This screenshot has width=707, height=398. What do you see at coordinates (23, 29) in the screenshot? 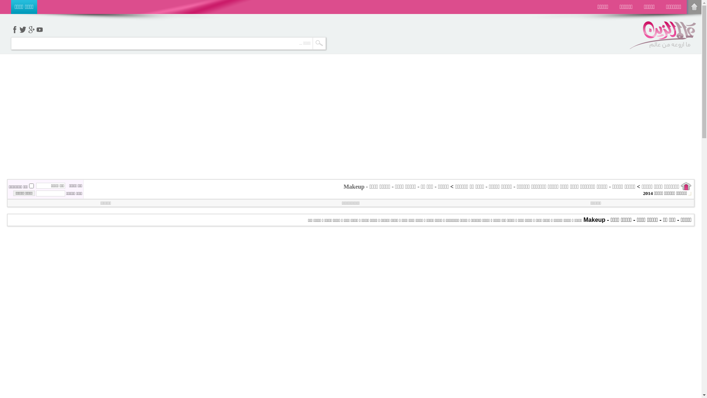
I see `'twetter'` at bounding box center [23, 29].